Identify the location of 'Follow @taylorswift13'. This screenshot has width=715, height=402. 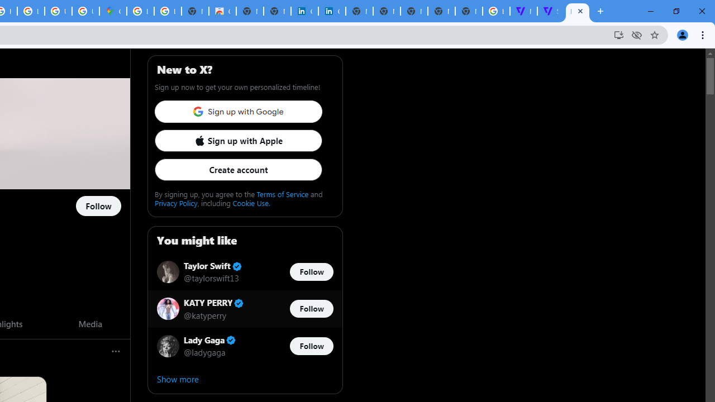
(311, 272).